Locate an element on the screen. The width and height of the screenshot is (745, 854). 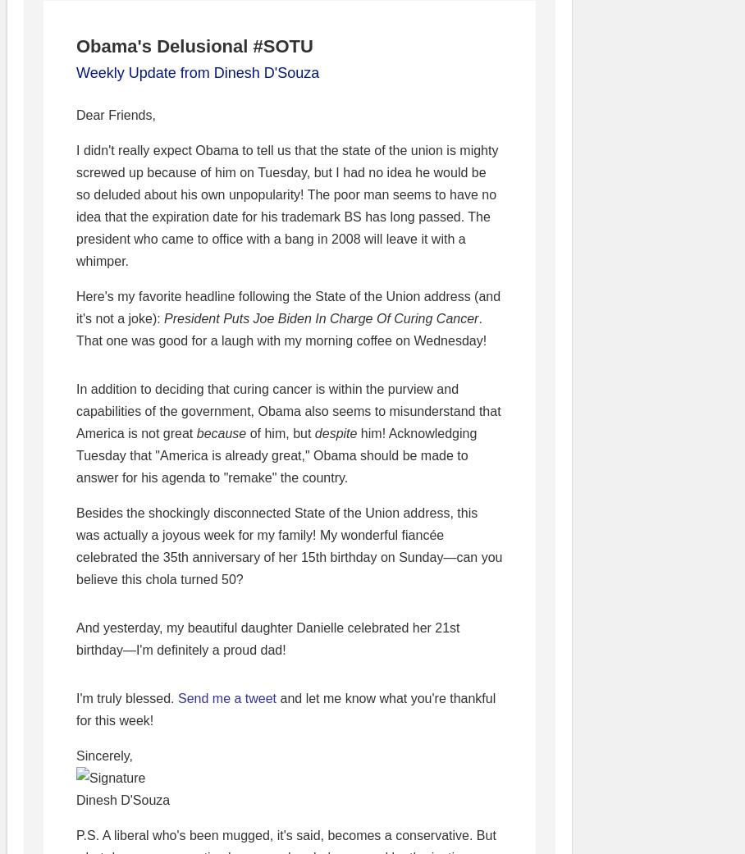
'In addition to deciding that curing cancer is within the purview and capabilities of the government, Obama also seems to misunderstand that America is not great' is located at coordinates (288, 410).